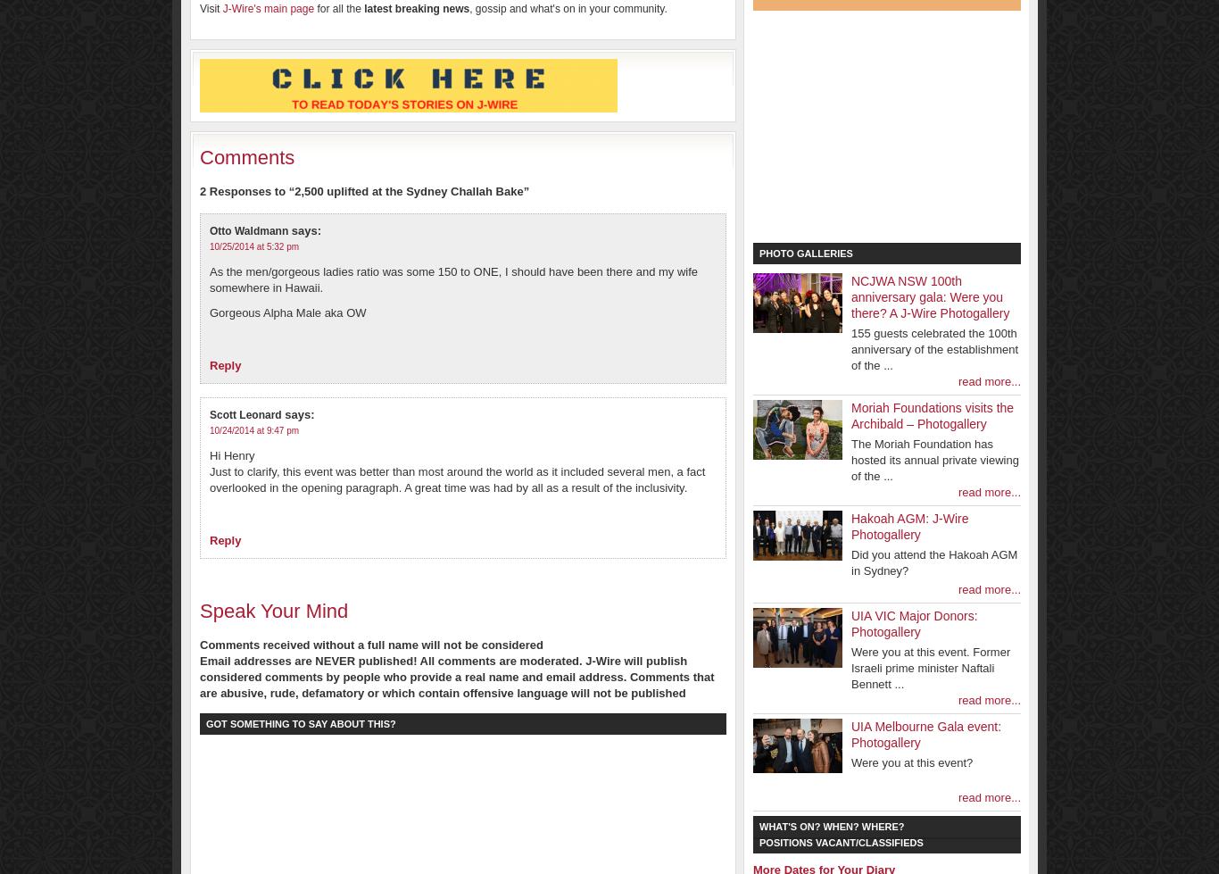 The width and height of the screenshot is (1219, 874). I want to click on 'Gorgeous Alpha Male aka OW', so click(287, 312).